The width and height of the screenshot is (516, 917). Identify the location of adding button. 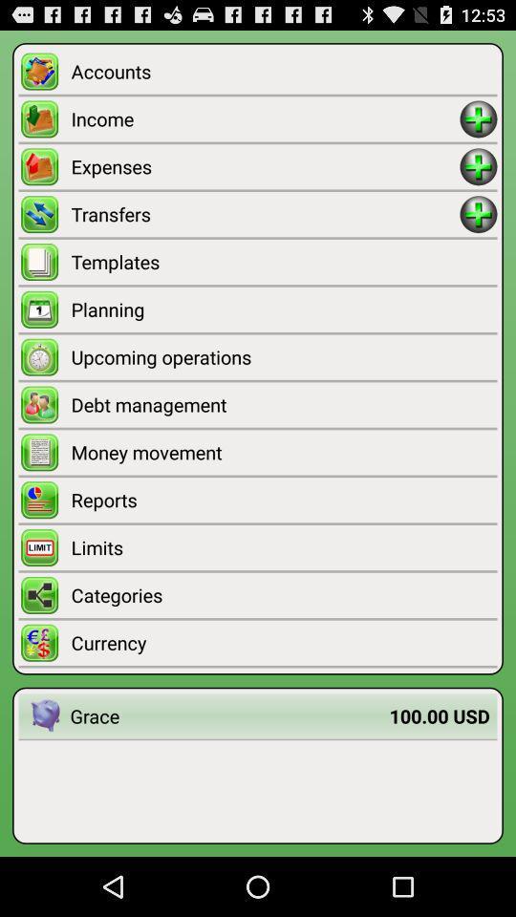
(478, 117).